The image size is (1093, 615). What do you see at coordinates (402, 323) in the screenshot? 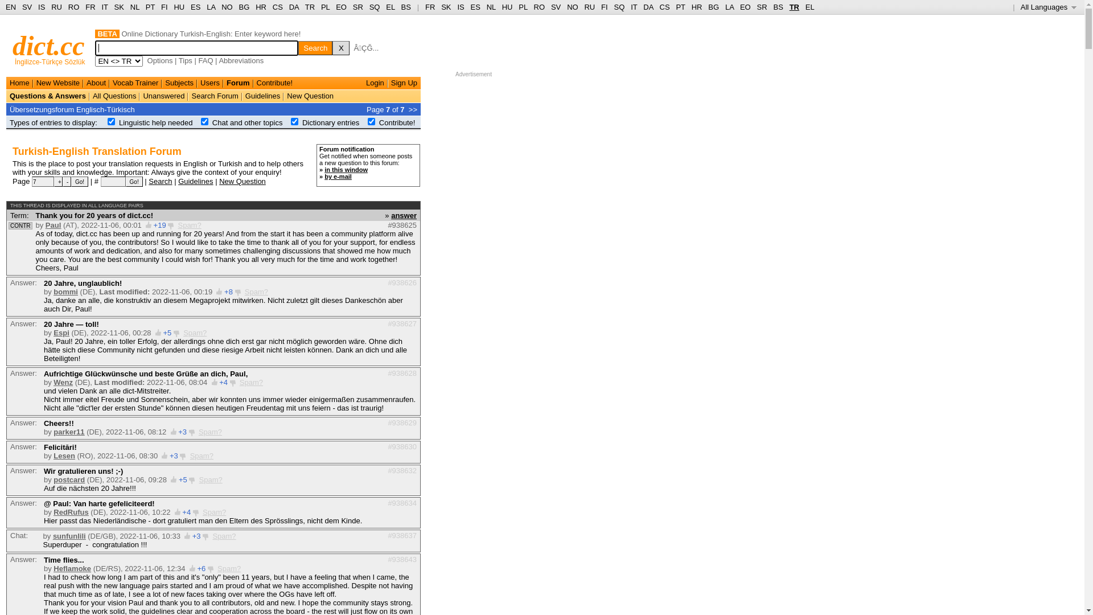
I see `'#938627'` at bounding box center [402, 323].